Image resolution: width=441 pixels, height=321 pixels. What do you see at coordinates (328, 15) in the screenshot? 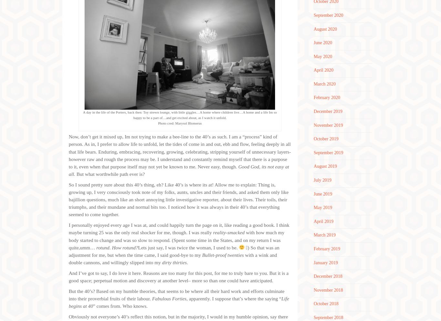
I see `'September 2020'` at bounding box center [328, 15].